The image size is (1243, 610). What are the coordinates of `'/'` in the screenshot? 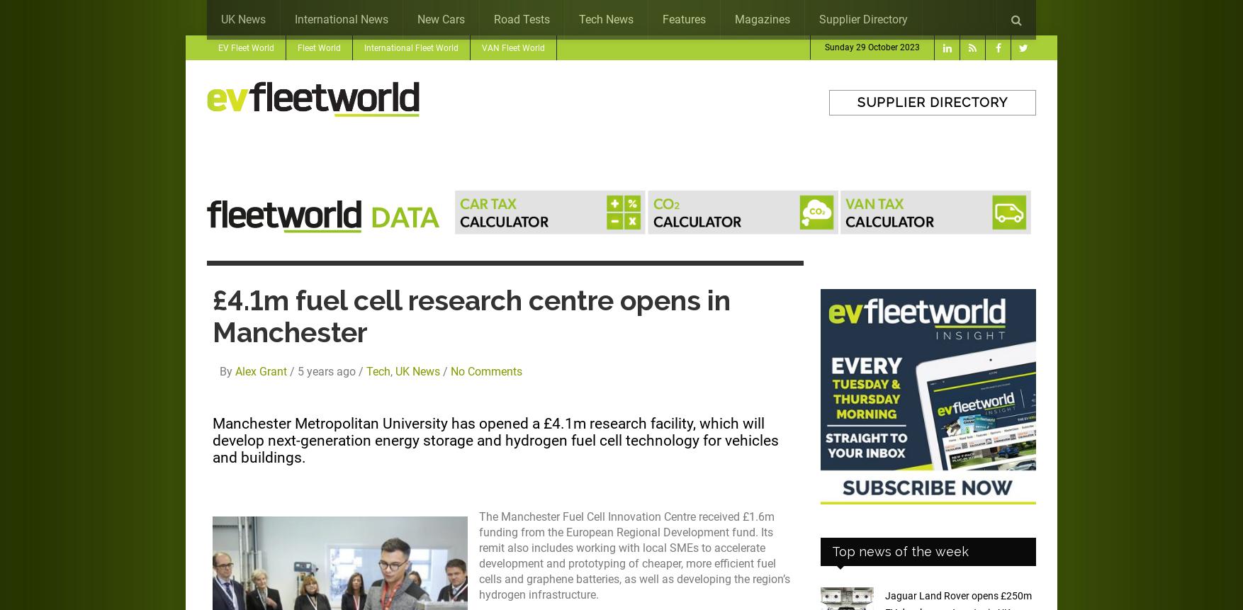 It's located at (444, 371).